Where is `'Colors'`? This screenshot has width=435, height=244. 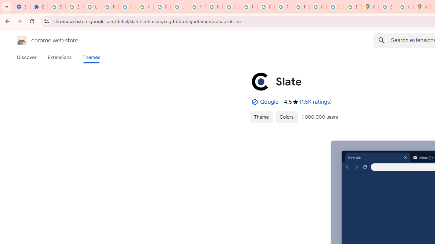 'Colors' is located at coordinates (286, 116).